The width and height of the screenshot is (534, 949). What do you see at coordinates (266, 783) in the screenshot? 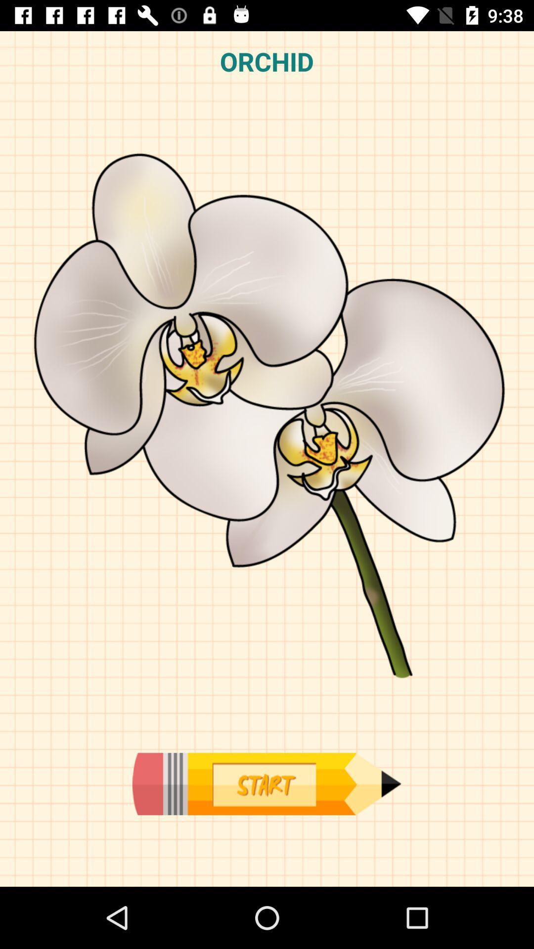
I see `begin playing` at bounding box center [266, 783].